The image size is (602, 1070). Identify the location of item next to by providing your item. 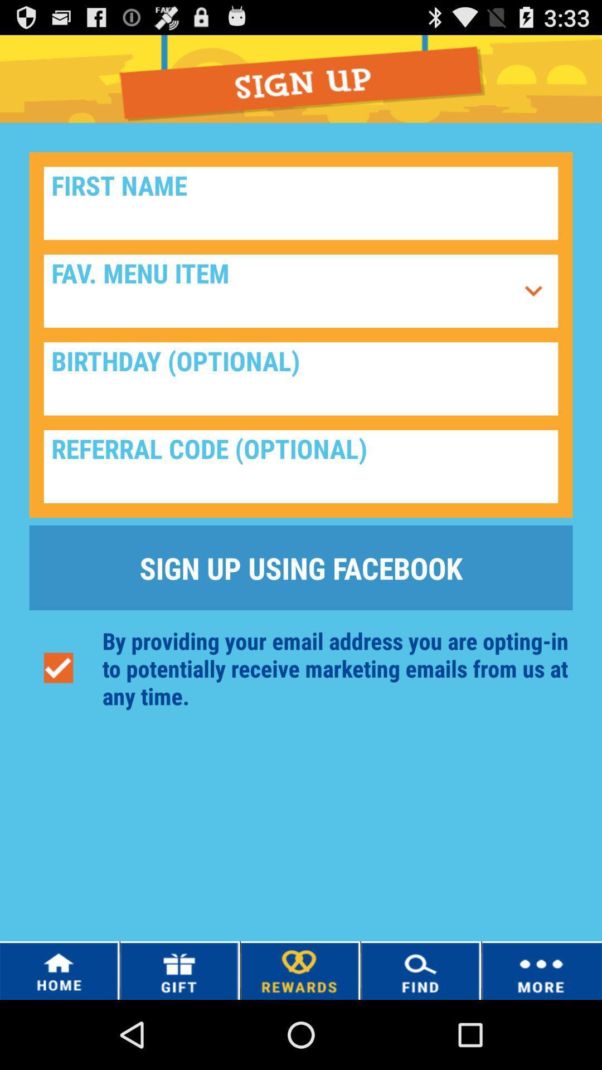
(58, 668).